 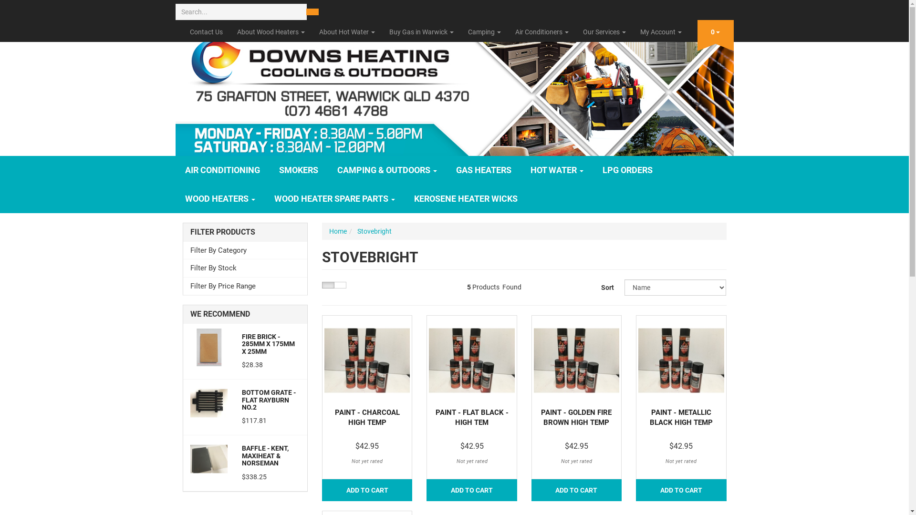 I want to click on 'ADD TO CART', so click(x=680, y=490).